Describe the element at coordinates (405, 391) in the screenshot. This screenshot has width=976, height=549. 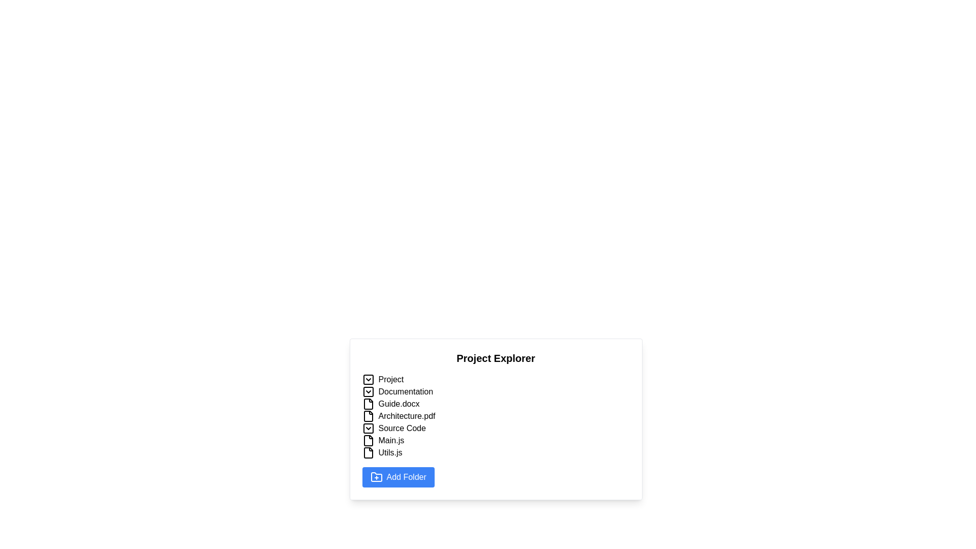
I see `on the 'Documentation' folder text label located under the 'Project' group in the file explorer interface` at that location.